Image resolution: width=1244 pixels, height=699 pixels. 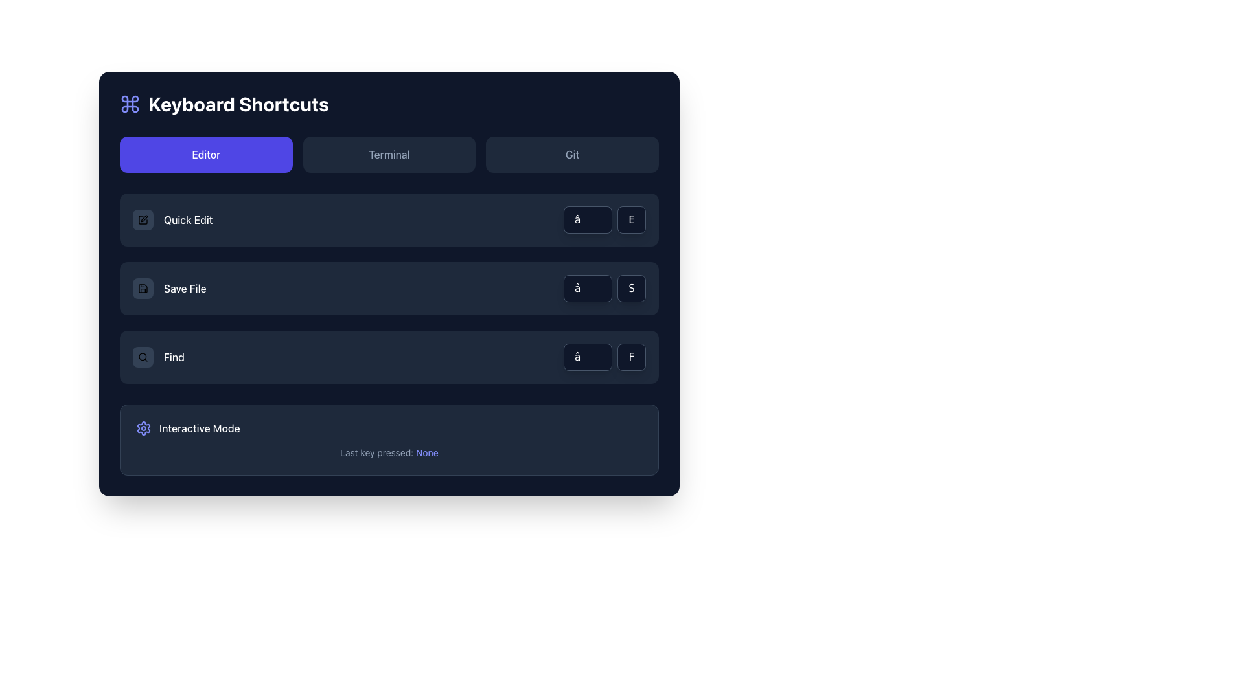 What do you see at coordinates (571, 154) in the screenshot?
I see `the 'Git' button` at bounding box center [571, 154].